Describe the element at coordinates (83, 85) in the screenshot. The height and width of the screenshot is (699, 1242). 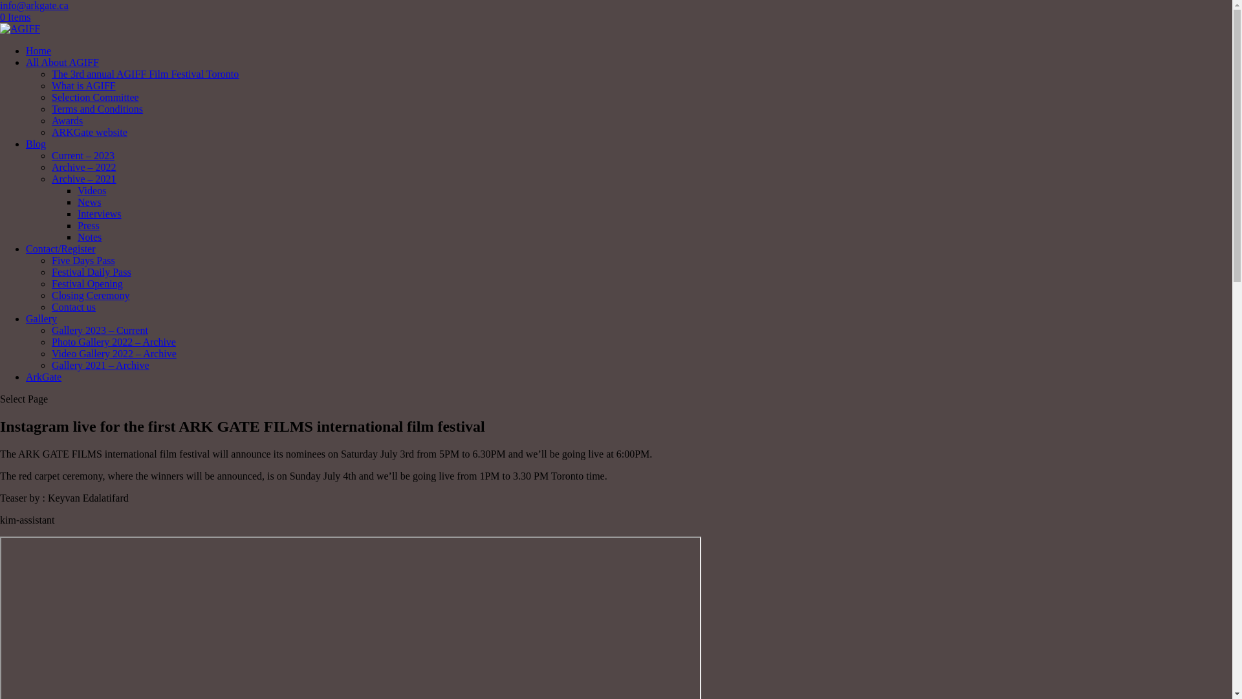
I see `'What is AGIFF'` at that location.